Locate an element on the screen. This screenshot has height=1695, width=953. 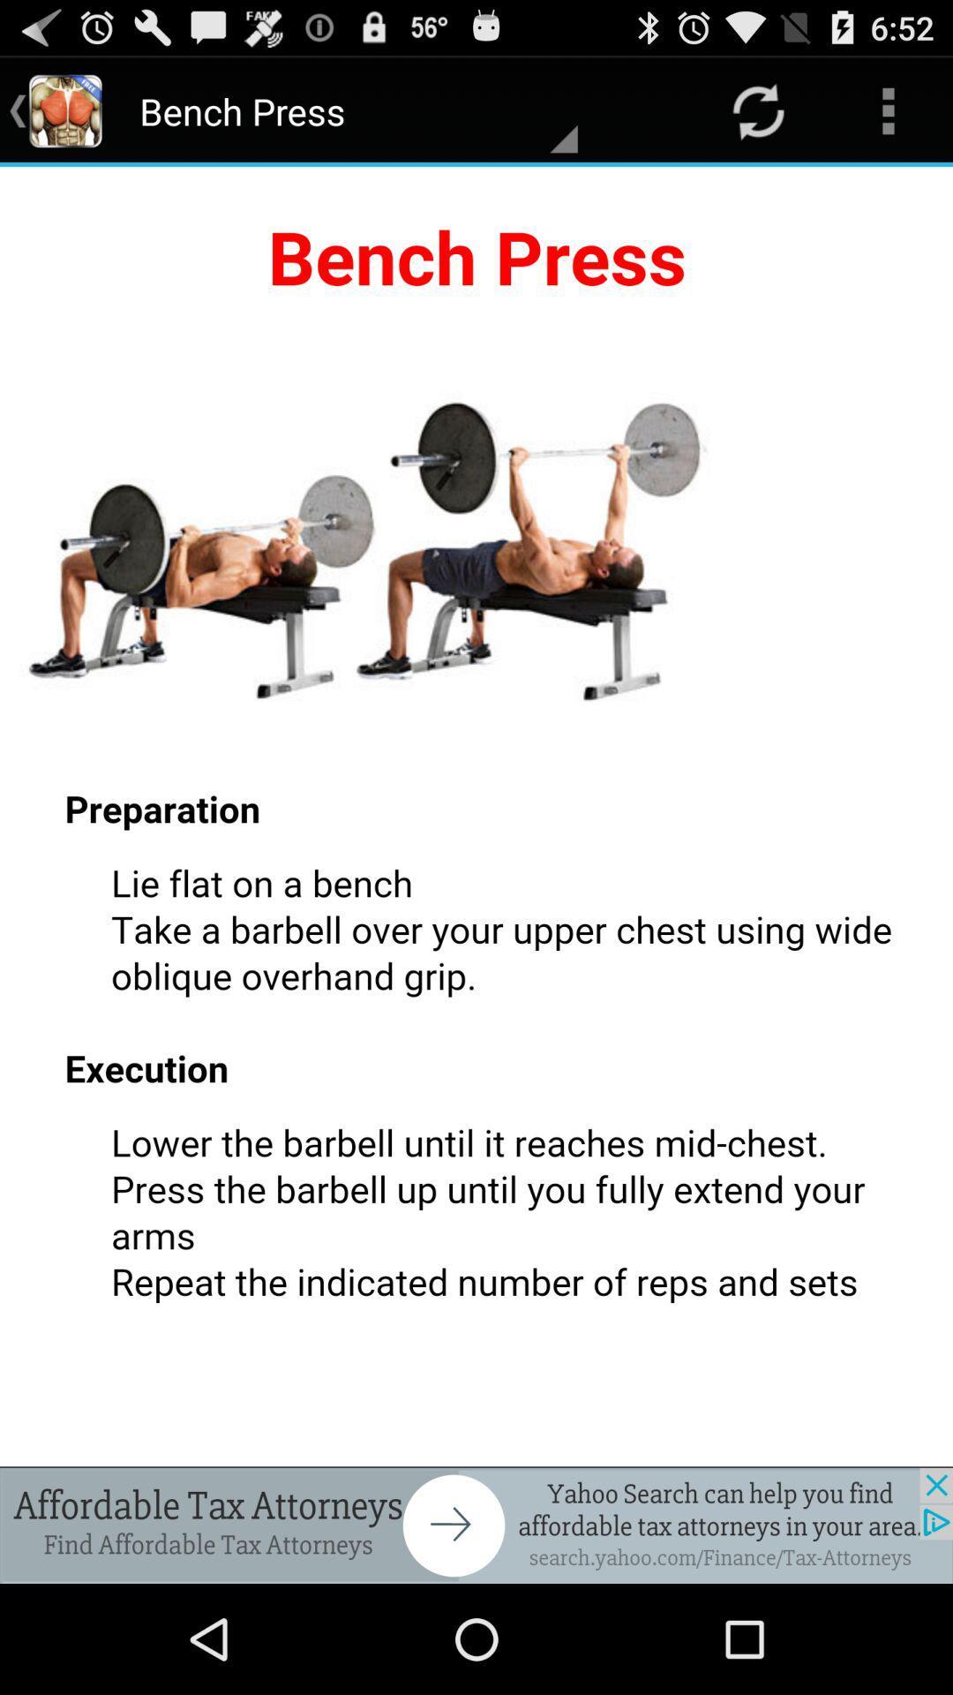
open advertisement is located at coordinates (476, 1525).